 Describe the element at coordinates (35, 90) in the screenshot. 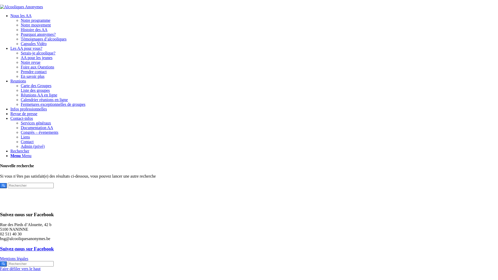

I see `'Liste des groupes'` at that location.